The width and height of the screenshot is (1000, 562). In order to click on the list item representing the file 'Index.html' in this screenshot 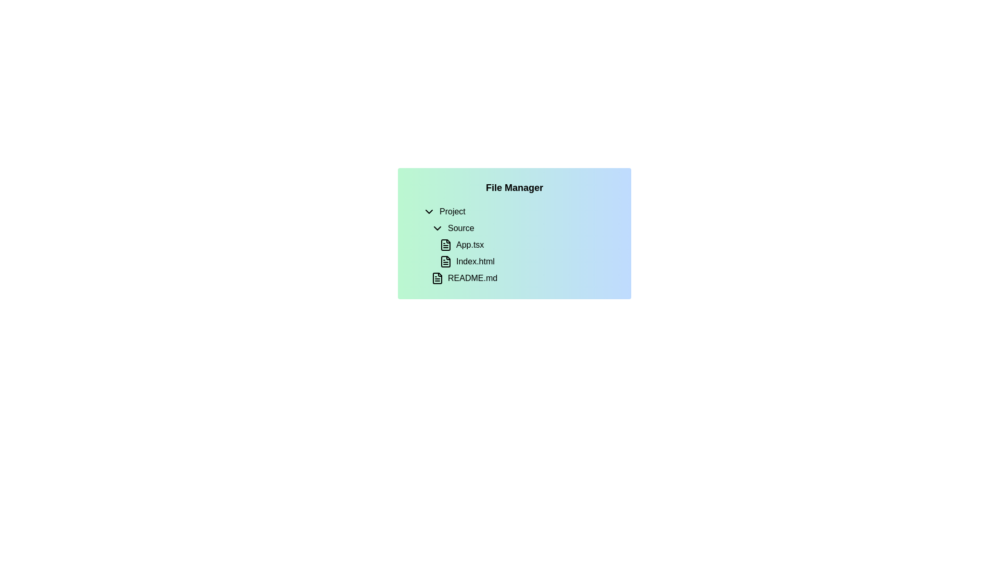, I will do `click(522, 261)`.